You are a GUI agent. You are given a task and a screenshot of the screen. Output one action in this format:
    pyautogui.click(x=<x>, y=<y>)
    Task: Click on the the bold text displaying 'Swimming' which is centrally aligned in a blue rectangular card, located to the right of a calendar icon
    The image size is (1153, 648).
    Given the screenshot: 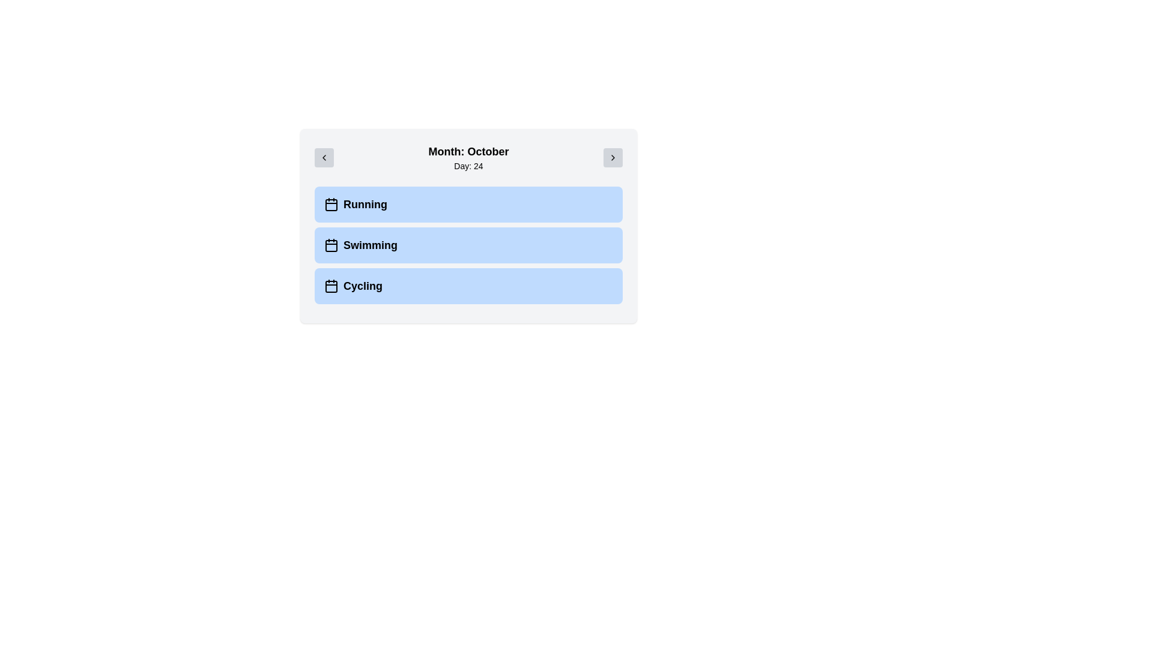 What is the action you would take?
    pyautogui.click(x=370, y=244)
    